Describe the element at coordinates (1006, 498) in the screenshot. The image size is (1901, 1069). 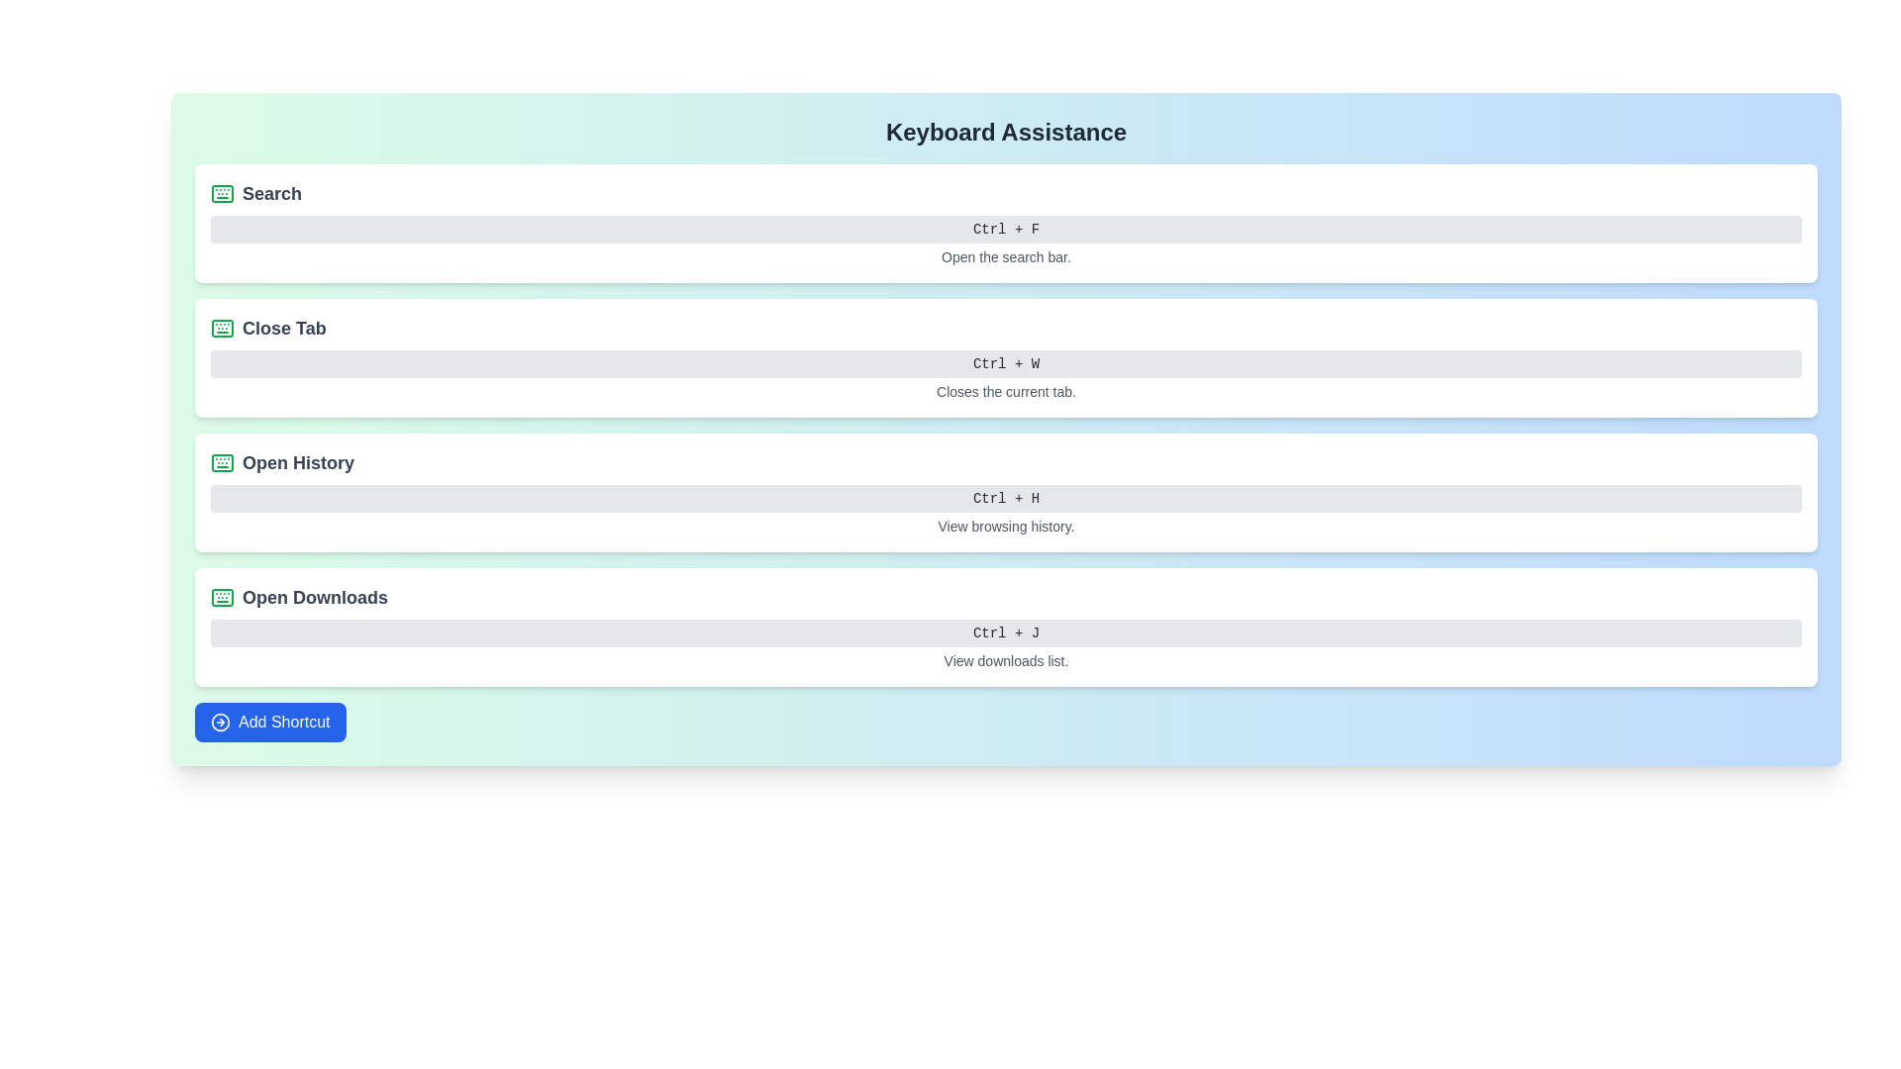
I see `the Shortcut indicator displaying 'Ctrl + H' with a light gray background and dark gray text, located below 'Open History'` at that location.